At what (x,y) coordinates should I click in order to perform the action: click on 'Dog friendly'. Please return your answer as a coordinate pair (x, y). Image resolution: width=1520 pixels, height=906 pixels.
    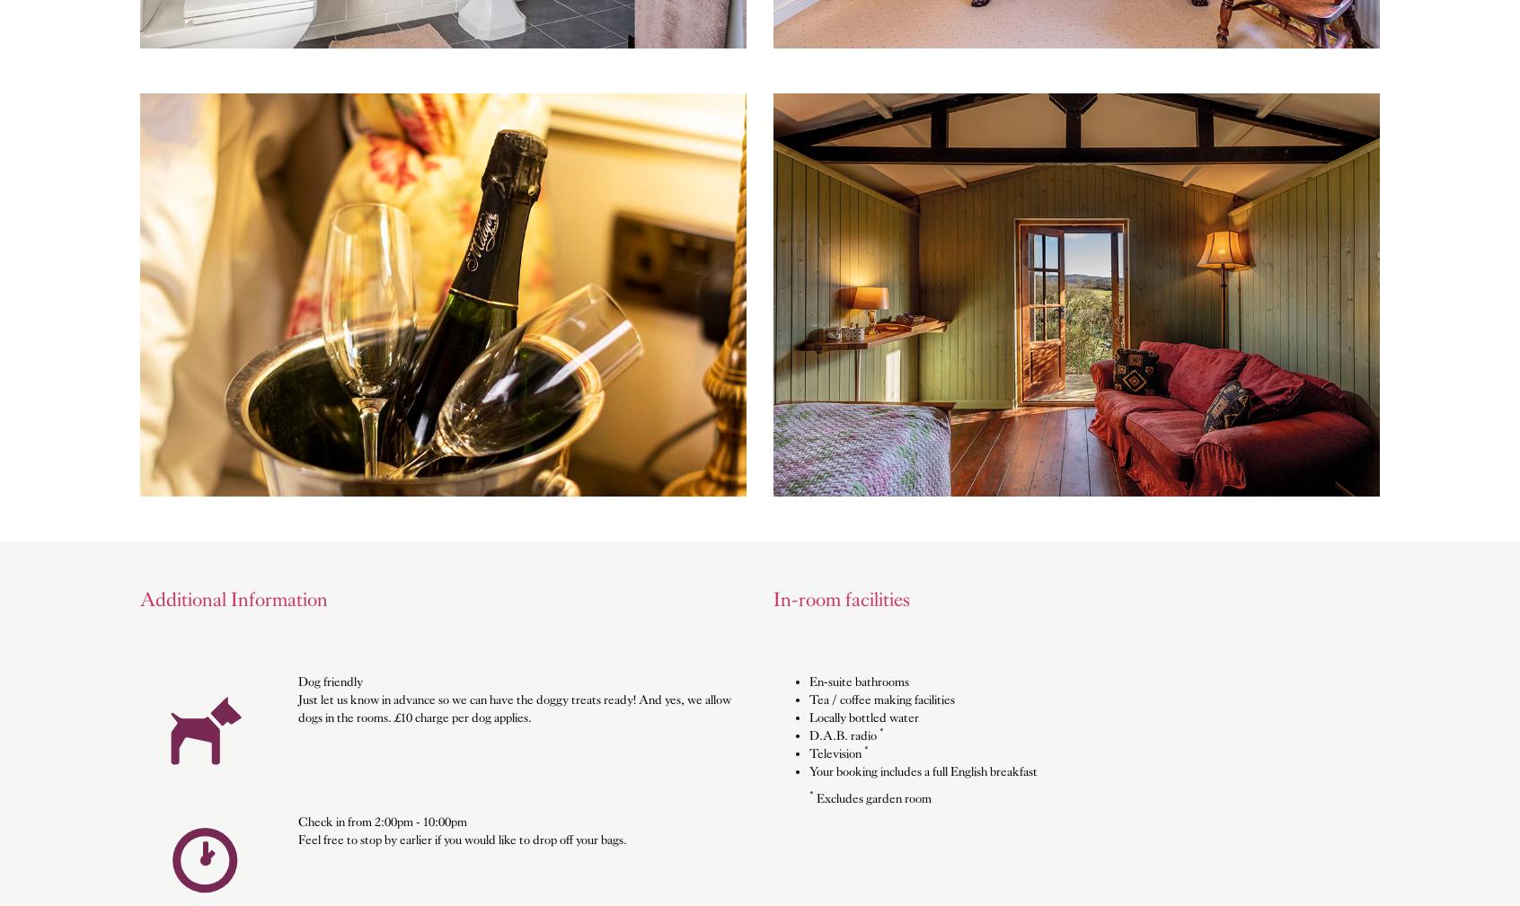
    Looking at the image, I should click on (296, 681).